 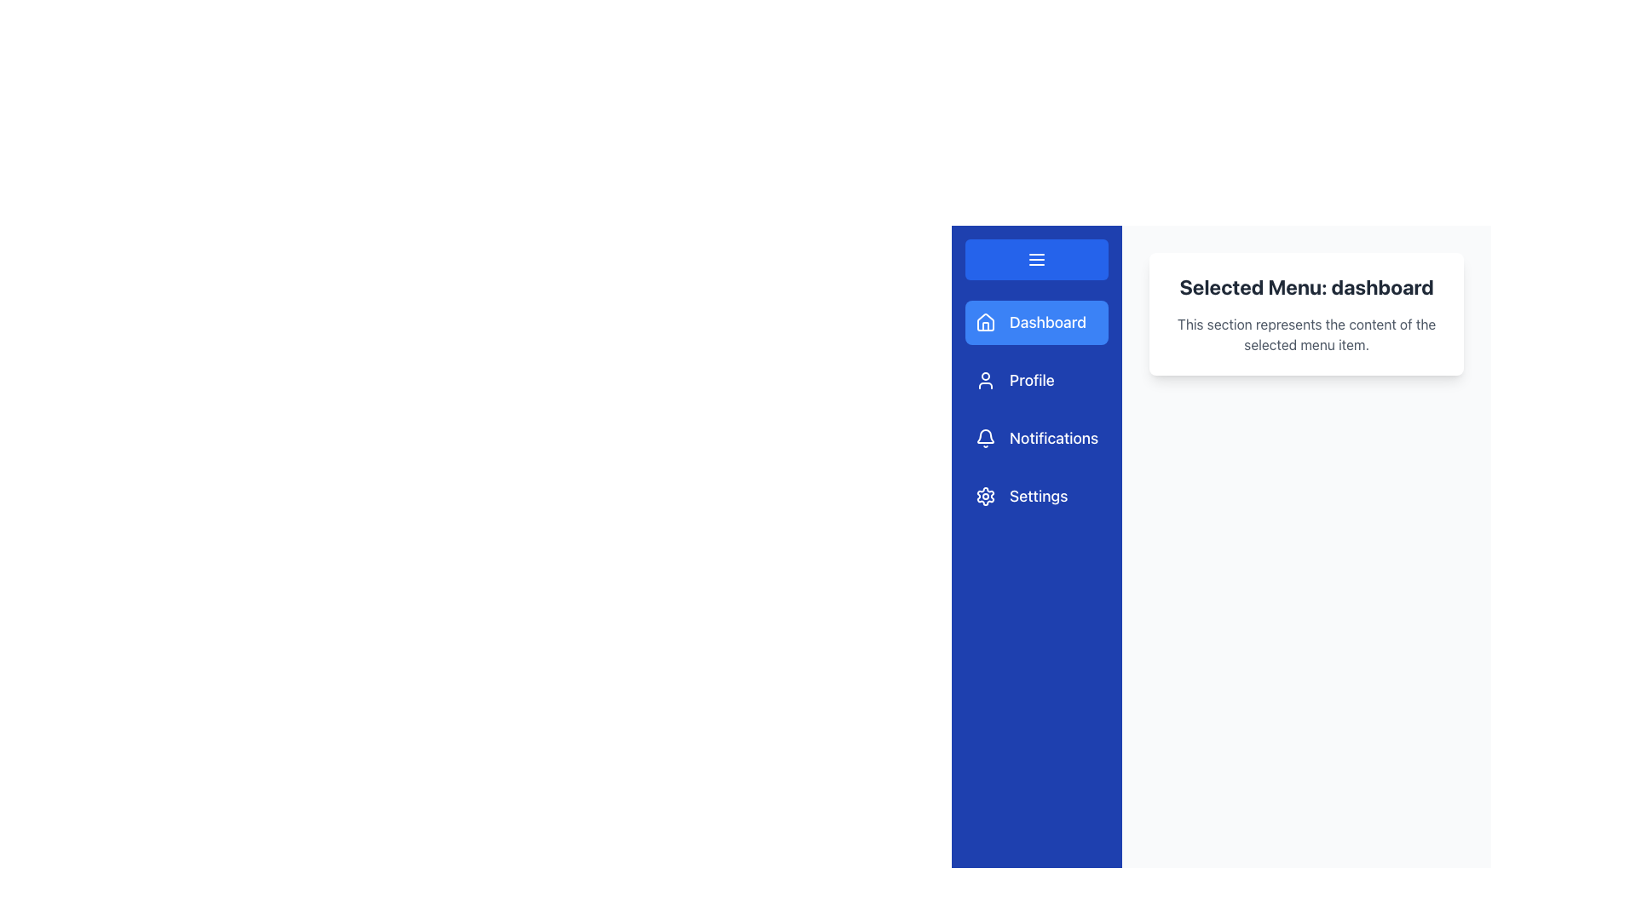 I want to click on the user profile icon in the sidebar, so click(x=985, y=380).